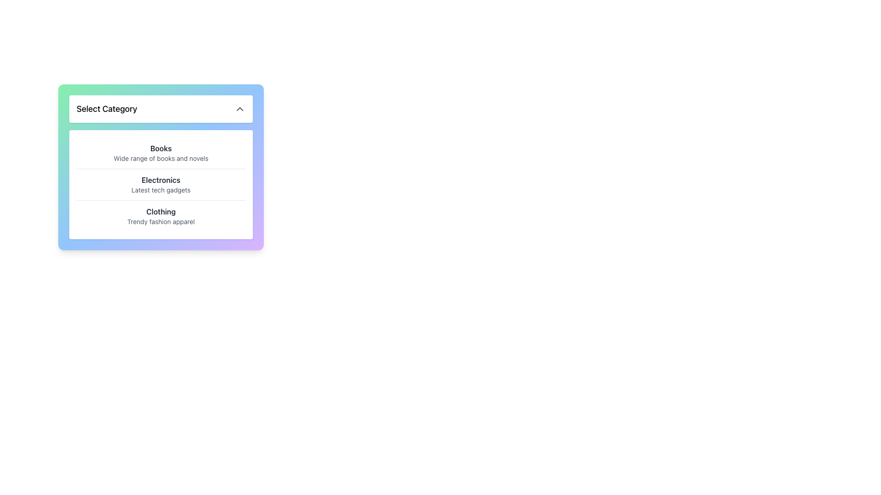  What do you see at coordinates (161, 158) in the screenshot?
I see `the descriptive text label providing additional information about the 'Books' category located centrally beneath the 'Books' heading` at bounding box center [161, 158].